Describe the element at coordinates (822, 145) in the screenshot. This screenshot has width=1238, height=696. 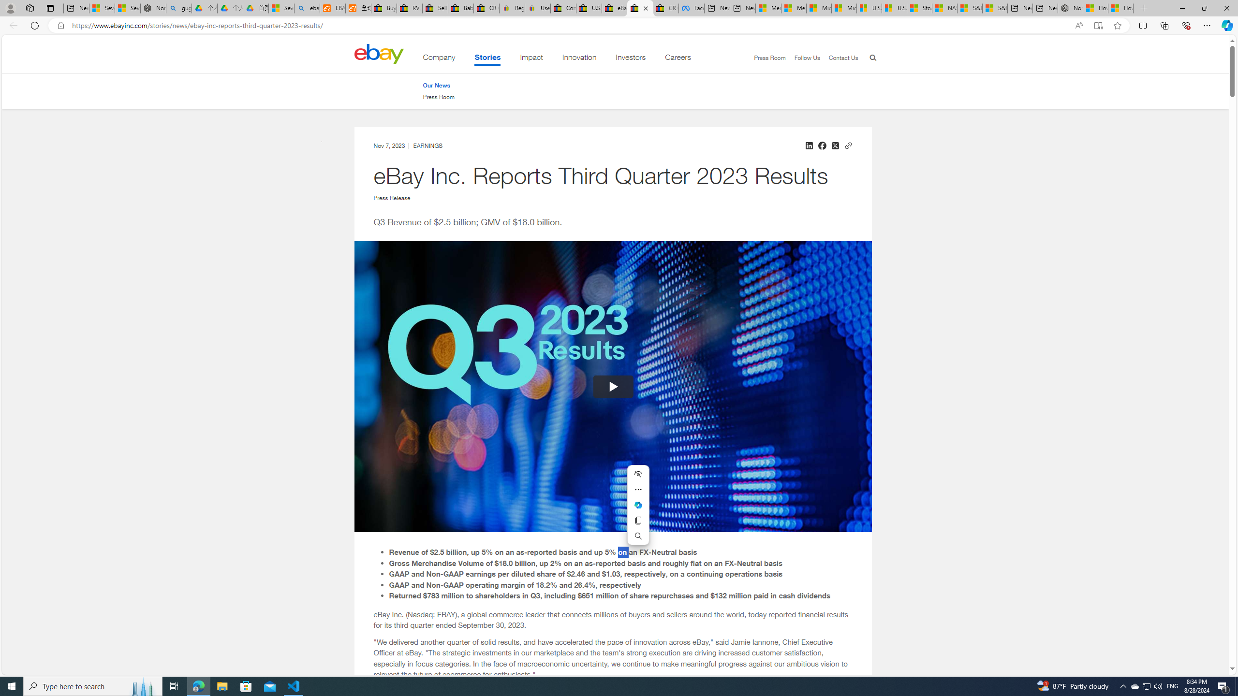
I see `'Share on Facebook'` at that location.